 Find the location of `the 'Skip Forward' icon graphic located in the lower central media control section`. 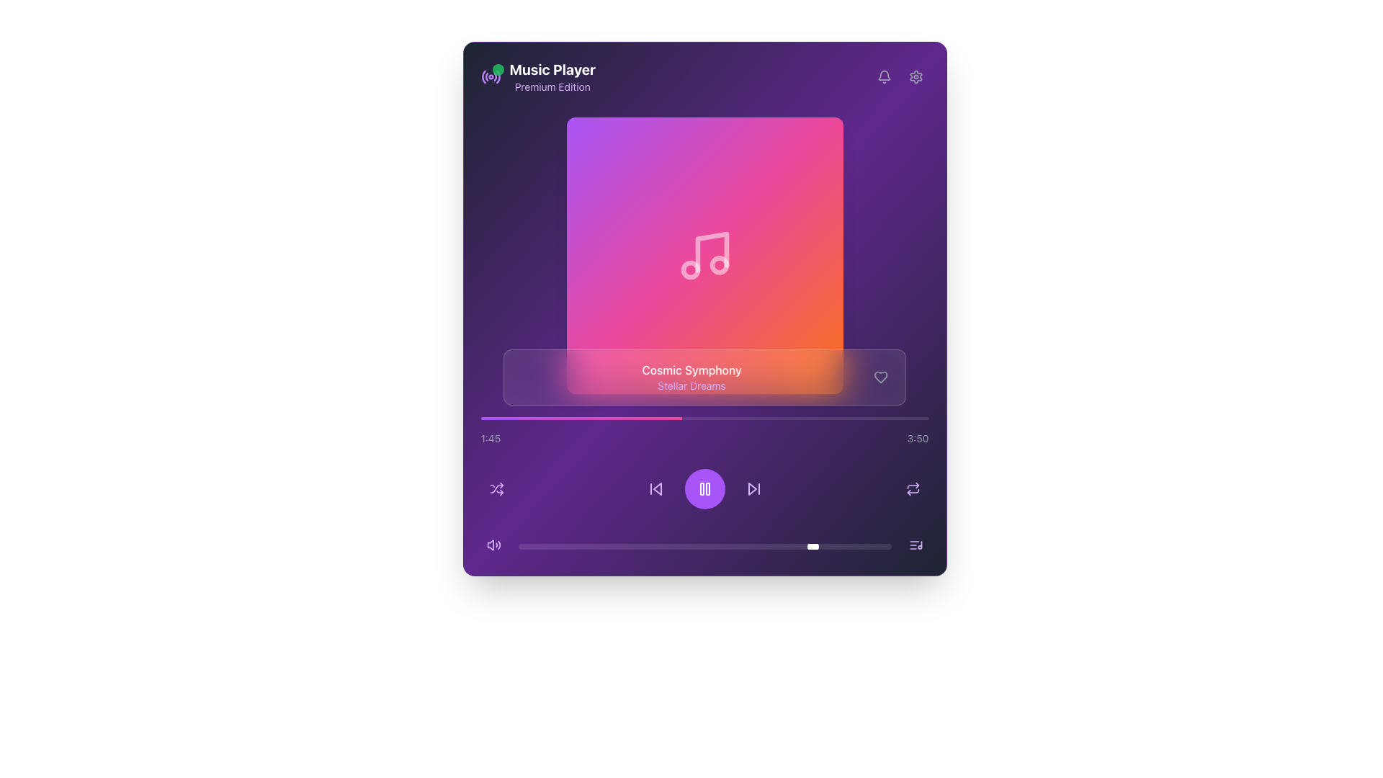

the 'Skip Forward' icon graphic located in the lower central media control section is located at coordinates (751, 488).